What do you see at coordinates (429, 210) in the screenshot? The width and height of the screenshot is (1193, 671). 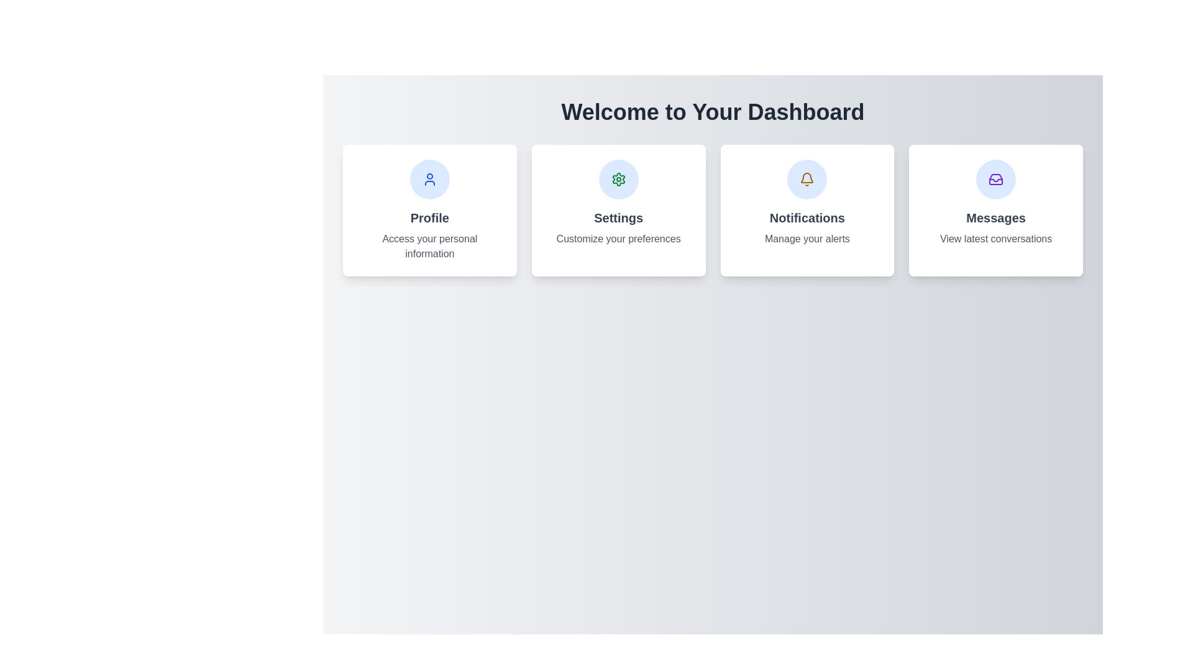 I see `the first informational card displaying personal profile information, located in the top-left of the layout` at bounding box center [429, 210].